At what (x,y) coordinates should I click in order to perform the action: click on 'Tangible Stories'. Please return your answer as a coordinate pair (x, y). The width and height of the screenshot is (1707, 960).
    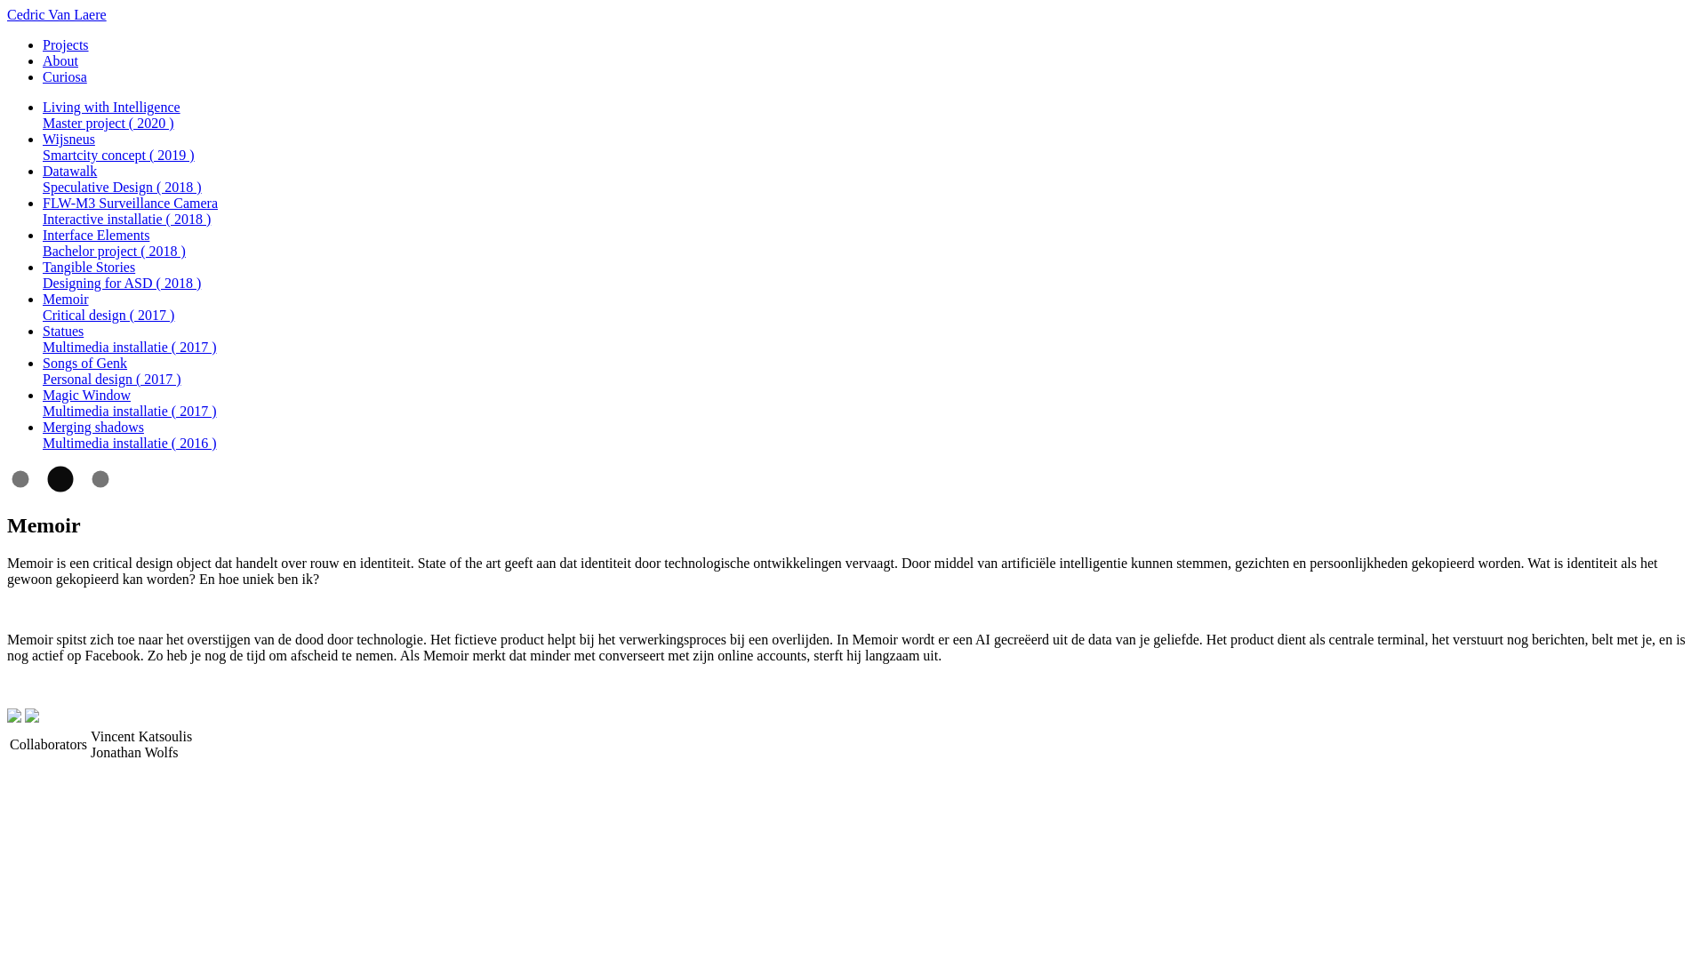
    Looking at the image, I should click on (88, 267).